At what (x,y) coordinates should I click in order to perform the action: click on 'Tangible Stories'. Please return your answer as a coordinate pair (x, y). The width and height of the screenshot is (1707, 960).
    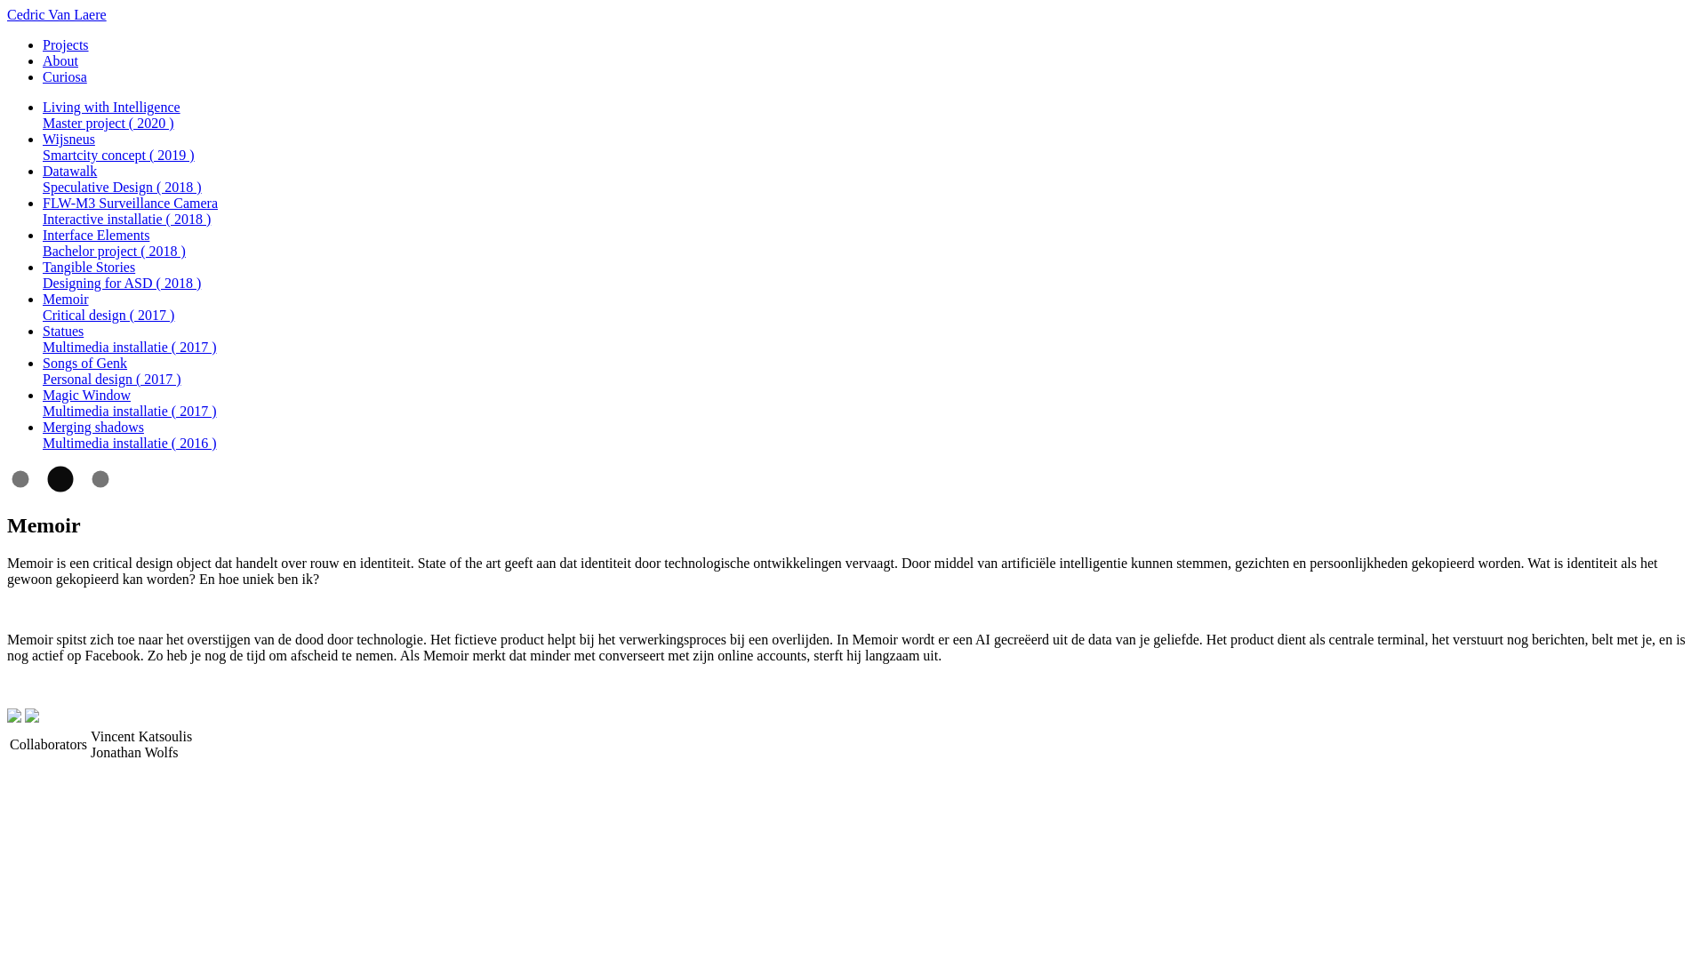
    Looking at the image, I should click on (88, 267).